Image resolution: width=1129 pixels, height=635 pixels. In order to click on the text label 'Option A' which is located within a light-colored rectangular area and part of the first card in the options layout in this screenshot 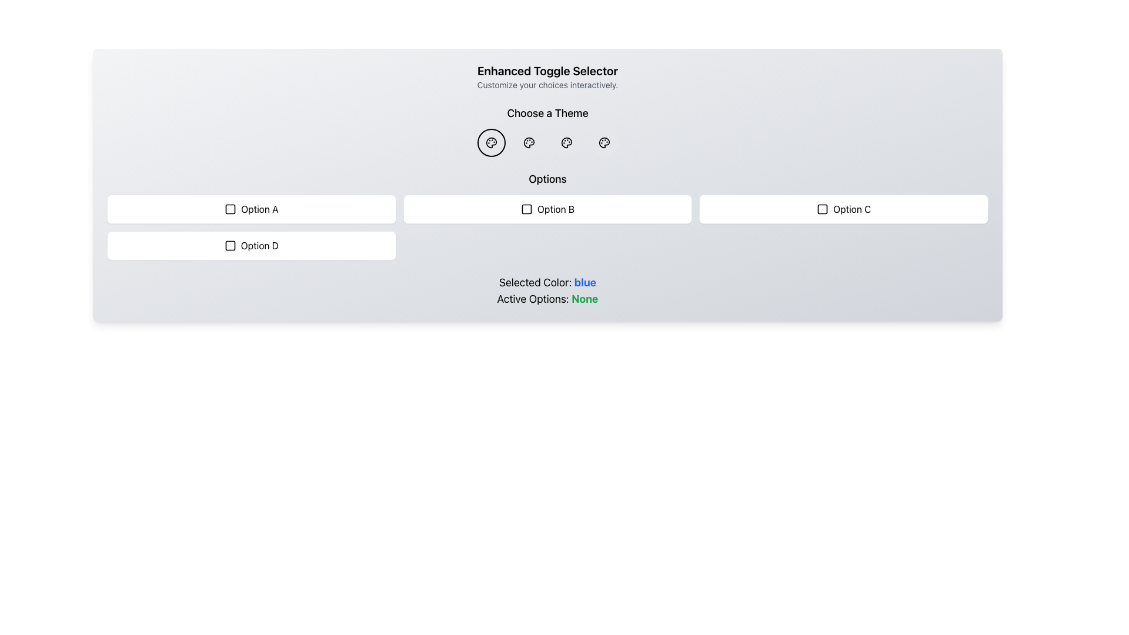, I will do `click(259, 208)`.